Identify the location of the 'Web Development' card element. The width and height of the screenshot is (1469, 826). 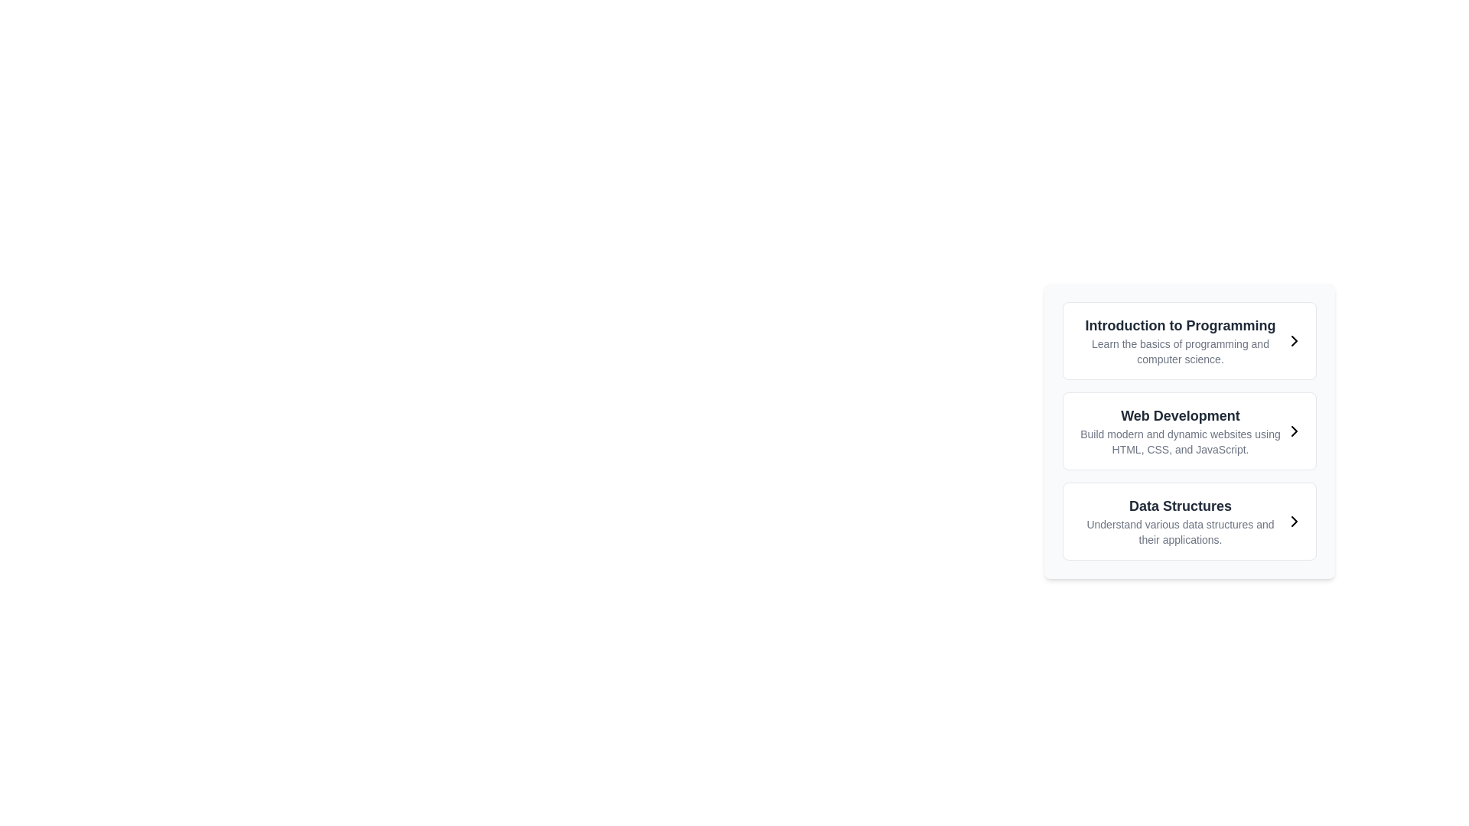
(1189, 431).